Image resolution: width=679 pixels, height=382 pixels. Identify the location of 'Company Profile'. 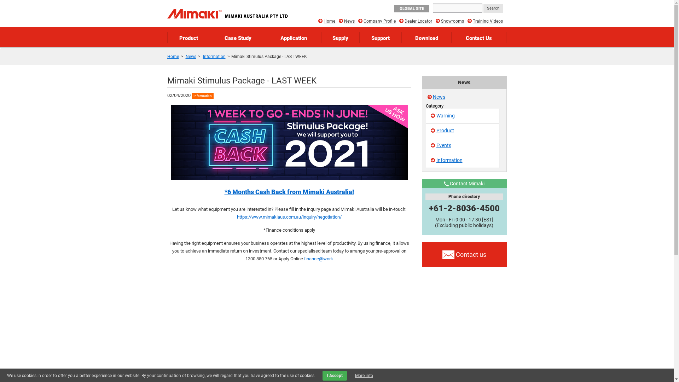
(363, 21).